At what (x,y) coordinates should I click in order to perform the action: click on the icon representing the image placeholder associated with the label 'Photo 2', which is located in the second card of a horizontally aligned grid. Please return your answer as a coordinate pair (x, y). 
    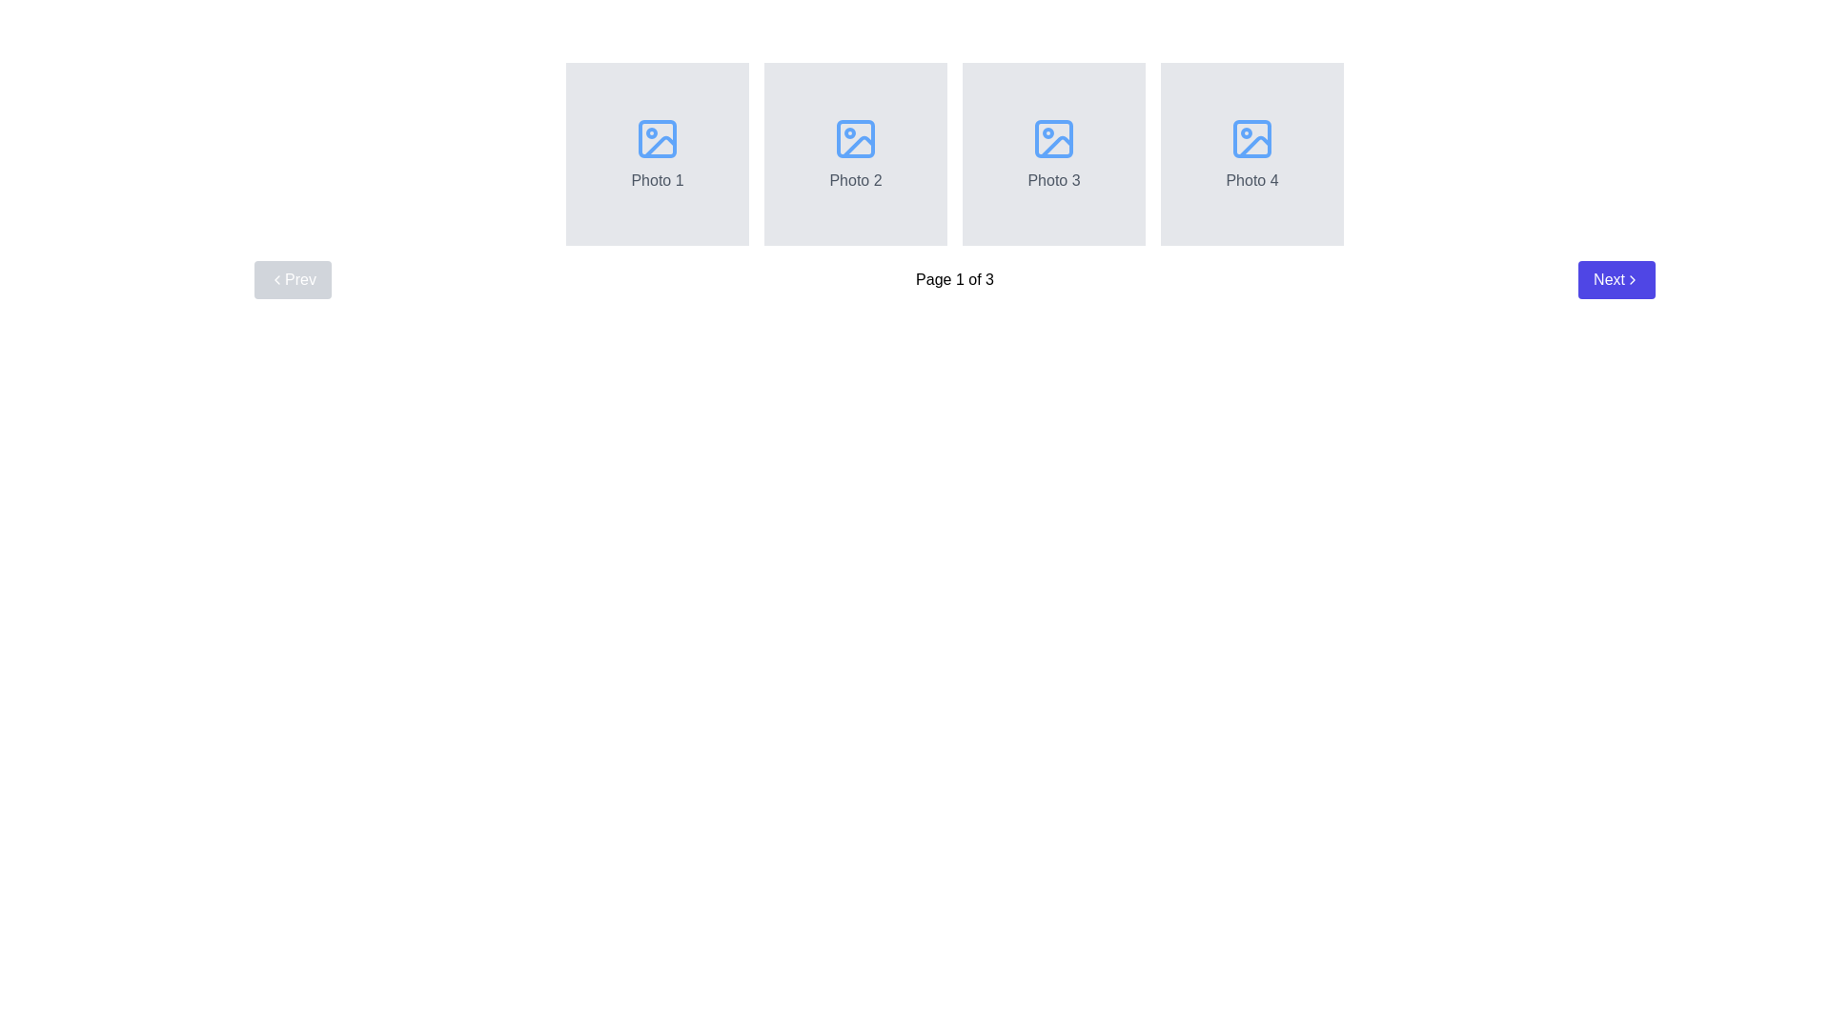
    Looking at the image, I should click on (854, 138).